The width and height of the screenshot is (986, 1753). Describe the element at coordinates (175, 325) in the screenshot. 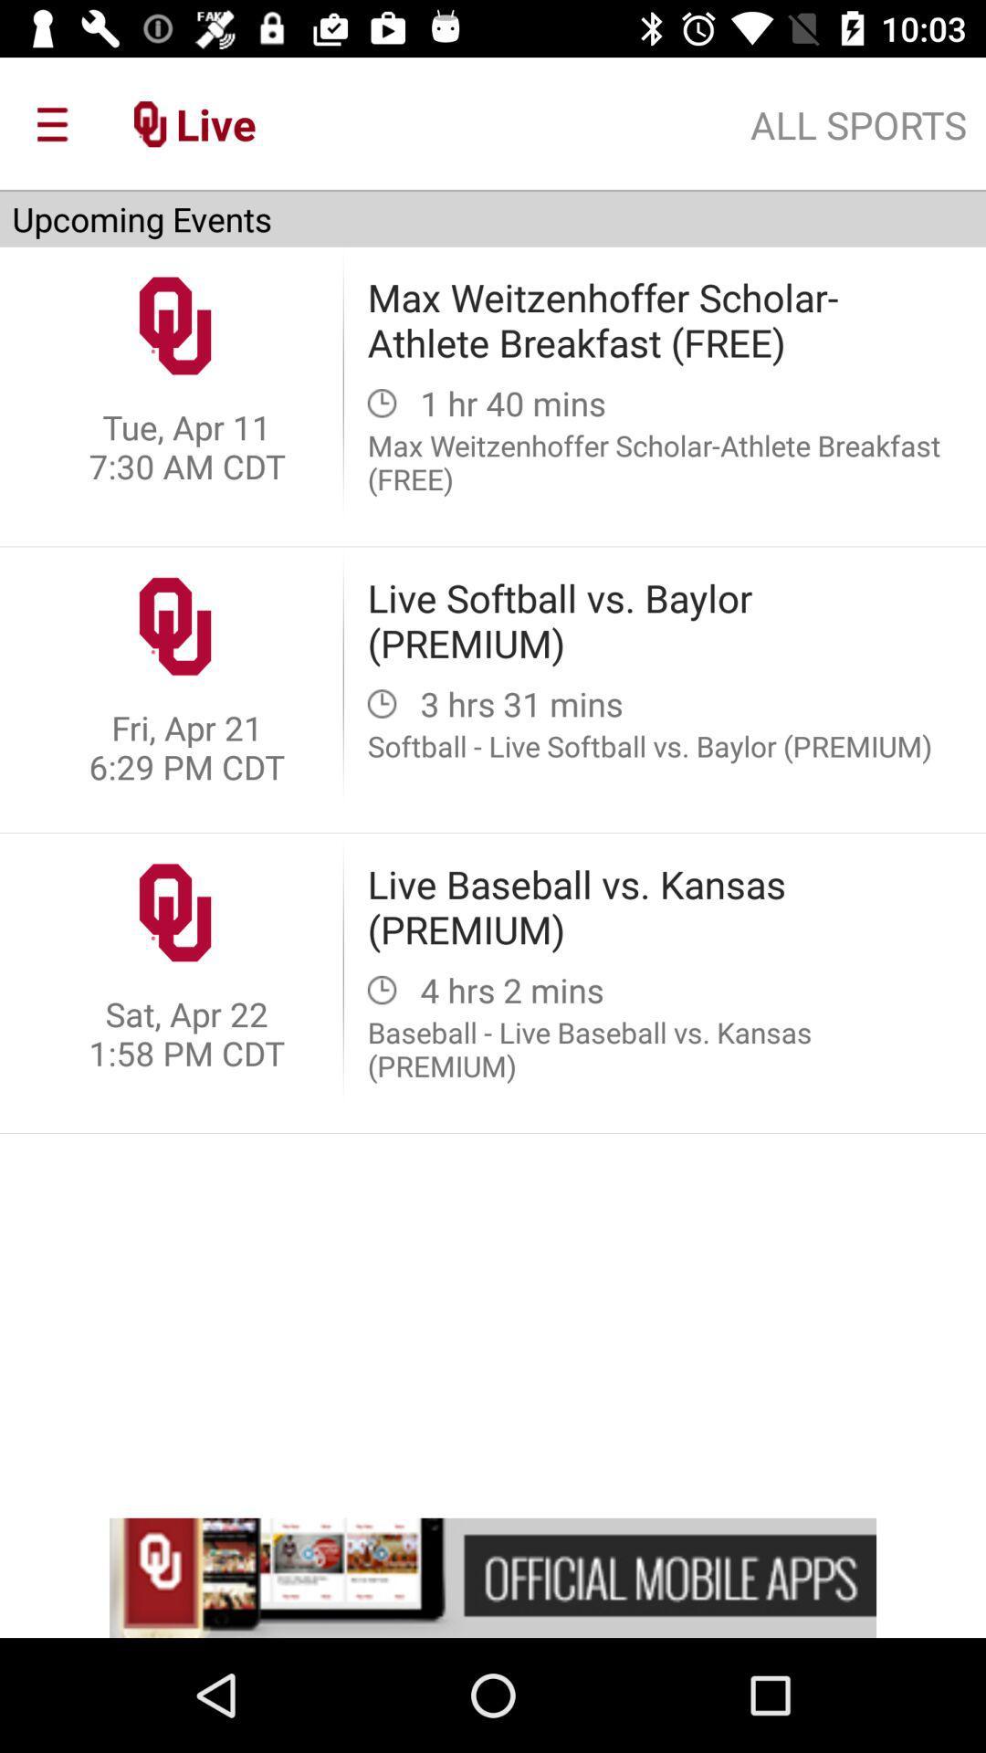

I see `the first logo under upcoming events` at that location.